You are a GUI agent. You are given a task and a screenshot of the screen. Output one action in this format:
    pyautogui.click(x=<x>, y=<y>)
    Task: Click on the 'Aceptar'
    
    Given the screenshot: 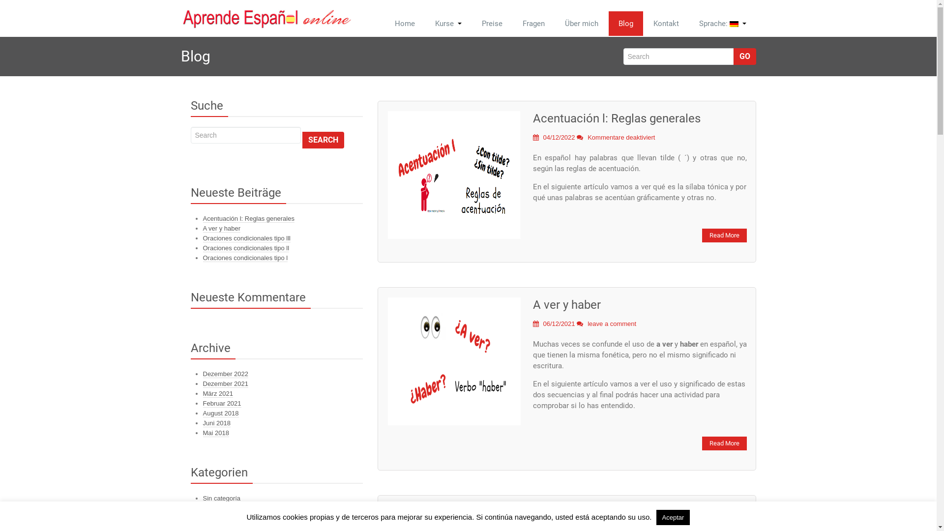 What is the action you would take?
    pyautogui.click(x=673, y=517)
    